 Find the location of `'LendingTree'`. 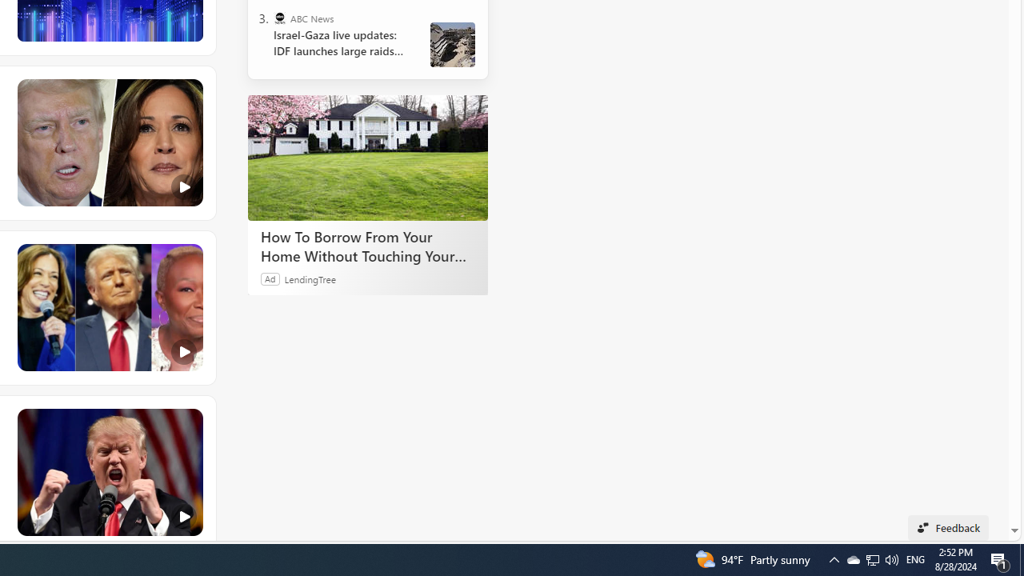

'LendingTree' is located at coordinates (310, 278).